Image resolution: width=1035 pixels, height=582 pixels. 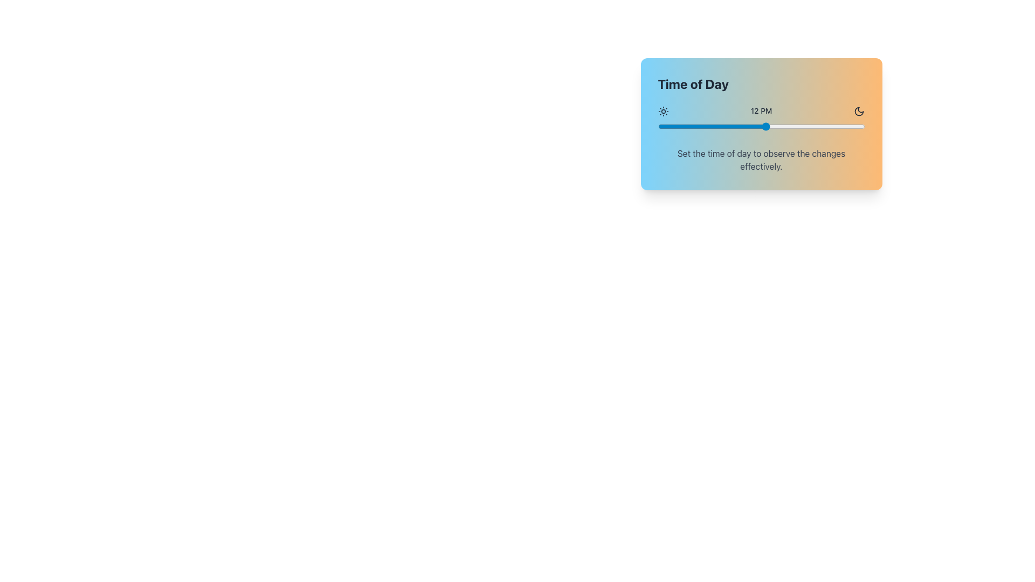 What do you see at coordinates (747, 126) in the screenshot?
I see `the time of day` at bounding box center [747, 126].